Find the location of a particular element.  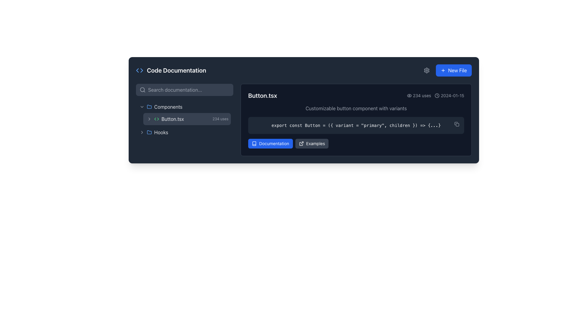

the settings icon button located in the upper-right region of the interface is located at coordinates (426, 70).